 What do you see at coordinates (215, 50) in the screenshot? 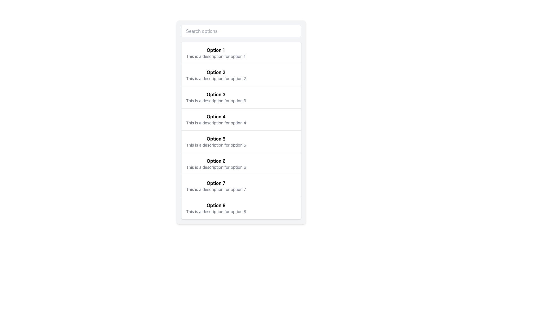
I see `the static text label for 'Option 1' located at the top-left of the content area, which guides users to select the desired option` at bounding box center [215, 50].